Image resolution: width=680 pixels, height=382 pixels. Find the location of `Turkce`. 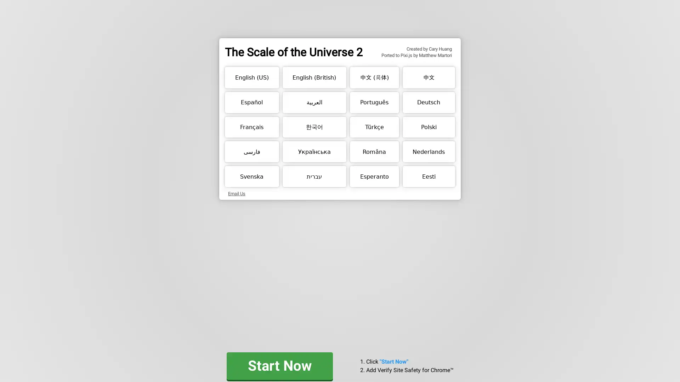

Turkce is located at coordinates (374, 126).